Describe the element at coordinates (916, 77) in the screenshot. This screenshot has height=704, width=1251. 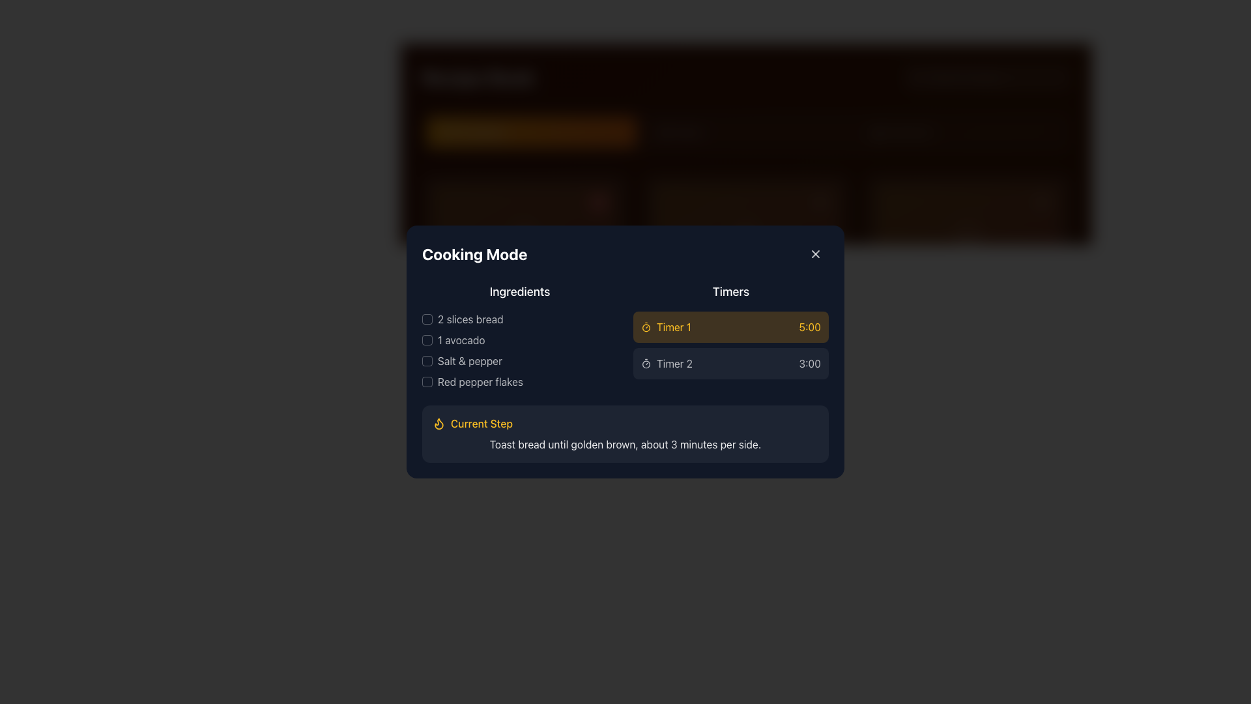
I see `the circular element that is part of the search icon located at the top-left of the header bar` at that location.